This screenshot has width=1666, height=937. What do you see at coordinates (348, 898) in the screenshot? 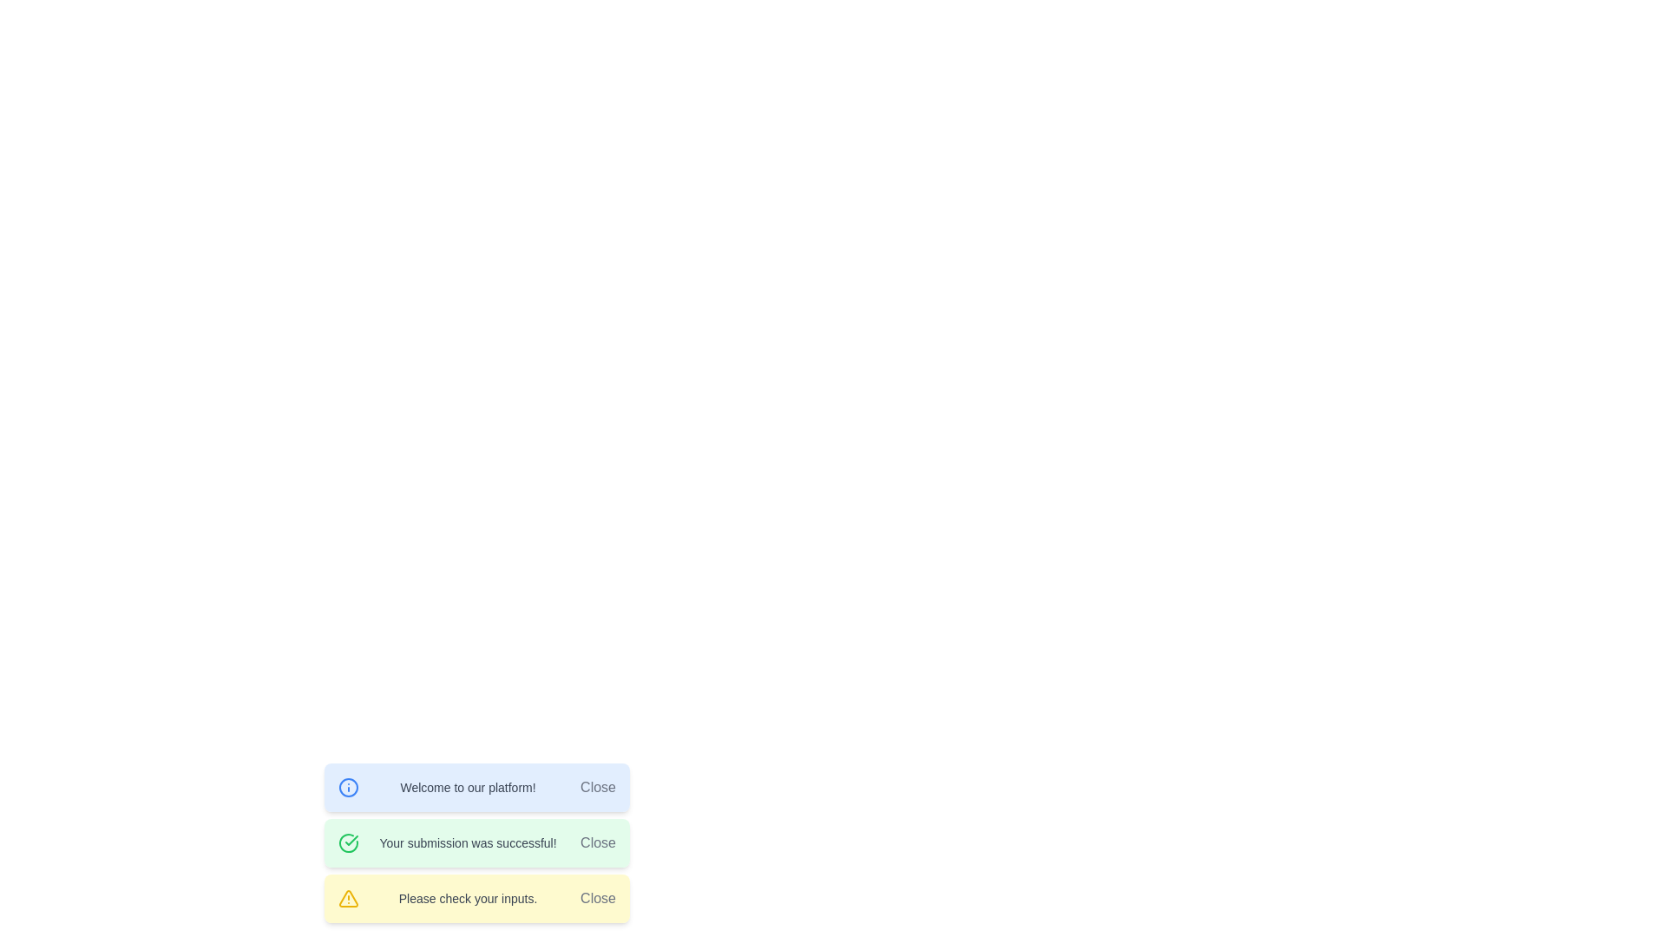
I see `the alert icon located on the right side of the third notification message with a yellow background that reads 'Please check your inputs.'` at bounding box center [348, 898].